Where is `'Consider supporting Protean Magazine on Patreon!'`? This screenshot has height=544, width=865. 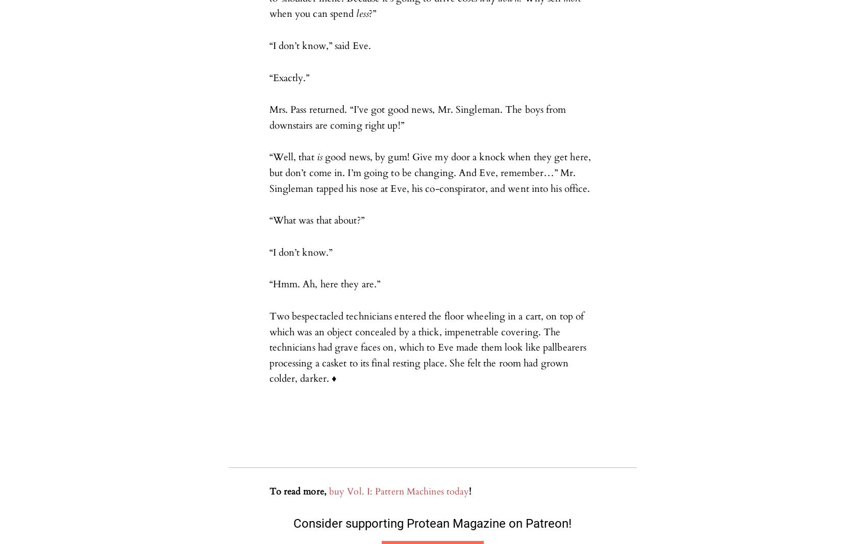
'Consider supporting Protean Magazine on Patreon!' is located at coordinates (432, 523).